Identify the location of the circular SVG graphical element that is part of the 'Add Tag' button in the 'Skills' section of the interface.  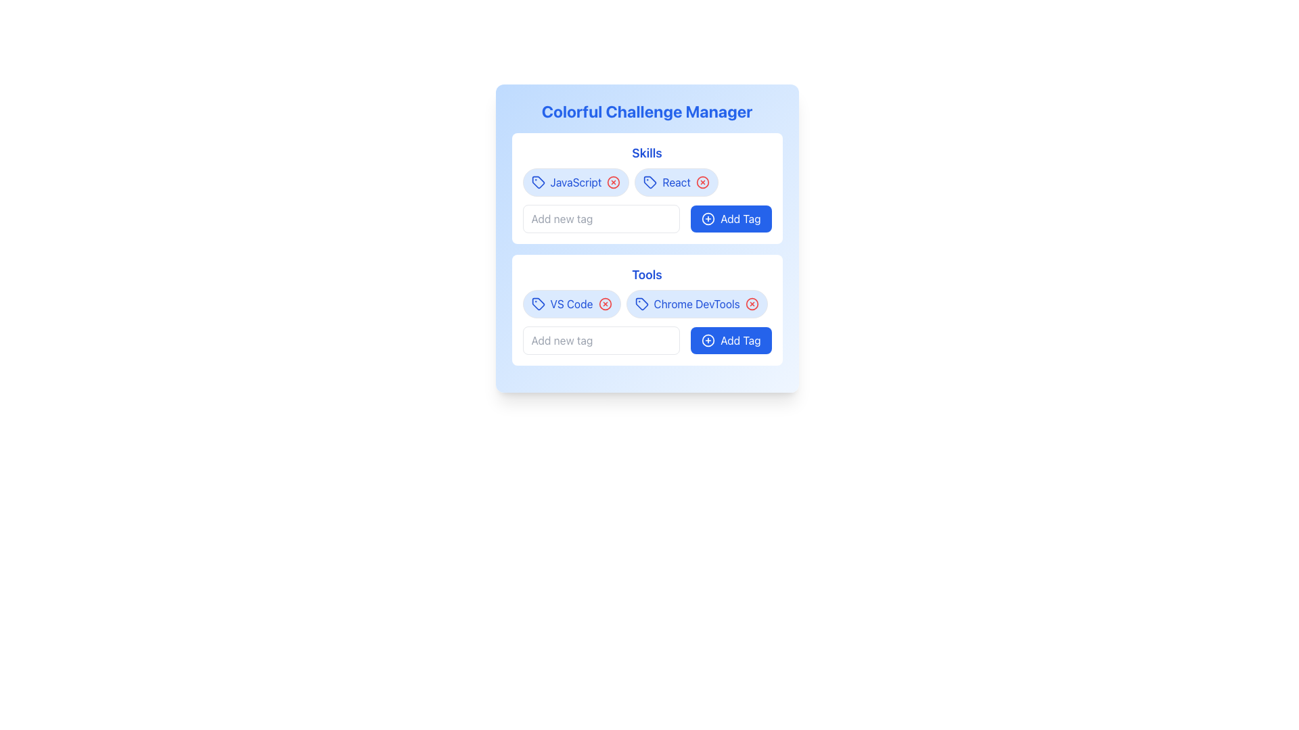
(708, 218).